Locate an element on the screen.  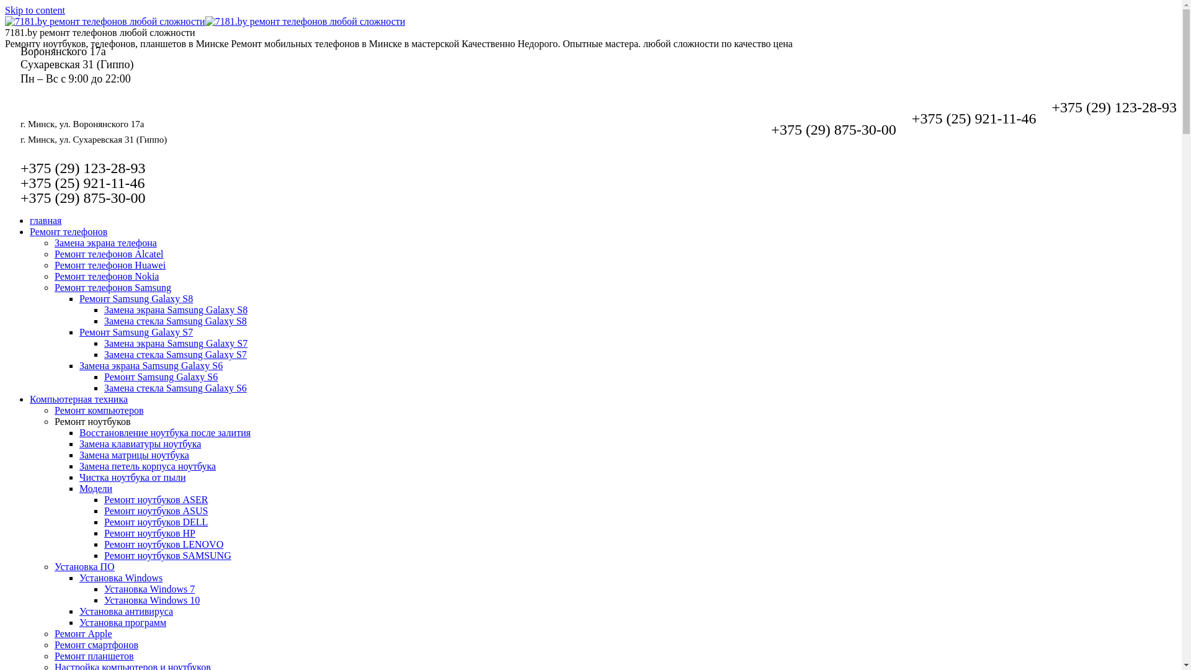
'+375 (29) 875-30-00' is located at coordinates (83, 197).